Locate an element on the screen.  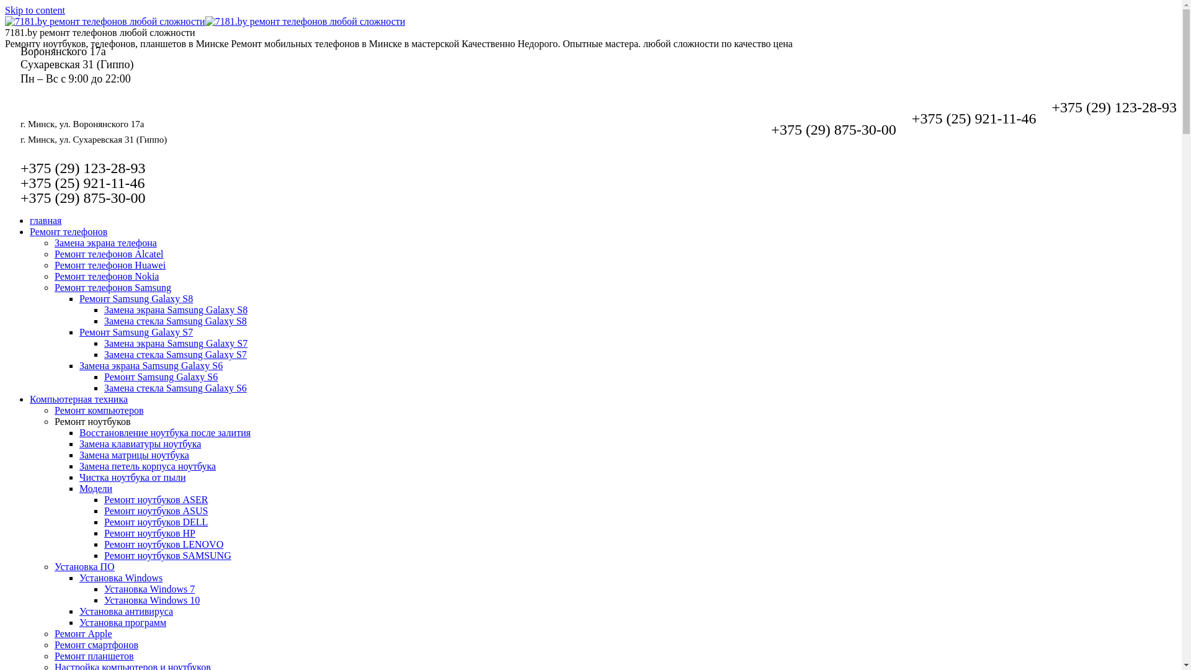
'+375 (29) 875-30-00' is located at coordinates (83, 197).